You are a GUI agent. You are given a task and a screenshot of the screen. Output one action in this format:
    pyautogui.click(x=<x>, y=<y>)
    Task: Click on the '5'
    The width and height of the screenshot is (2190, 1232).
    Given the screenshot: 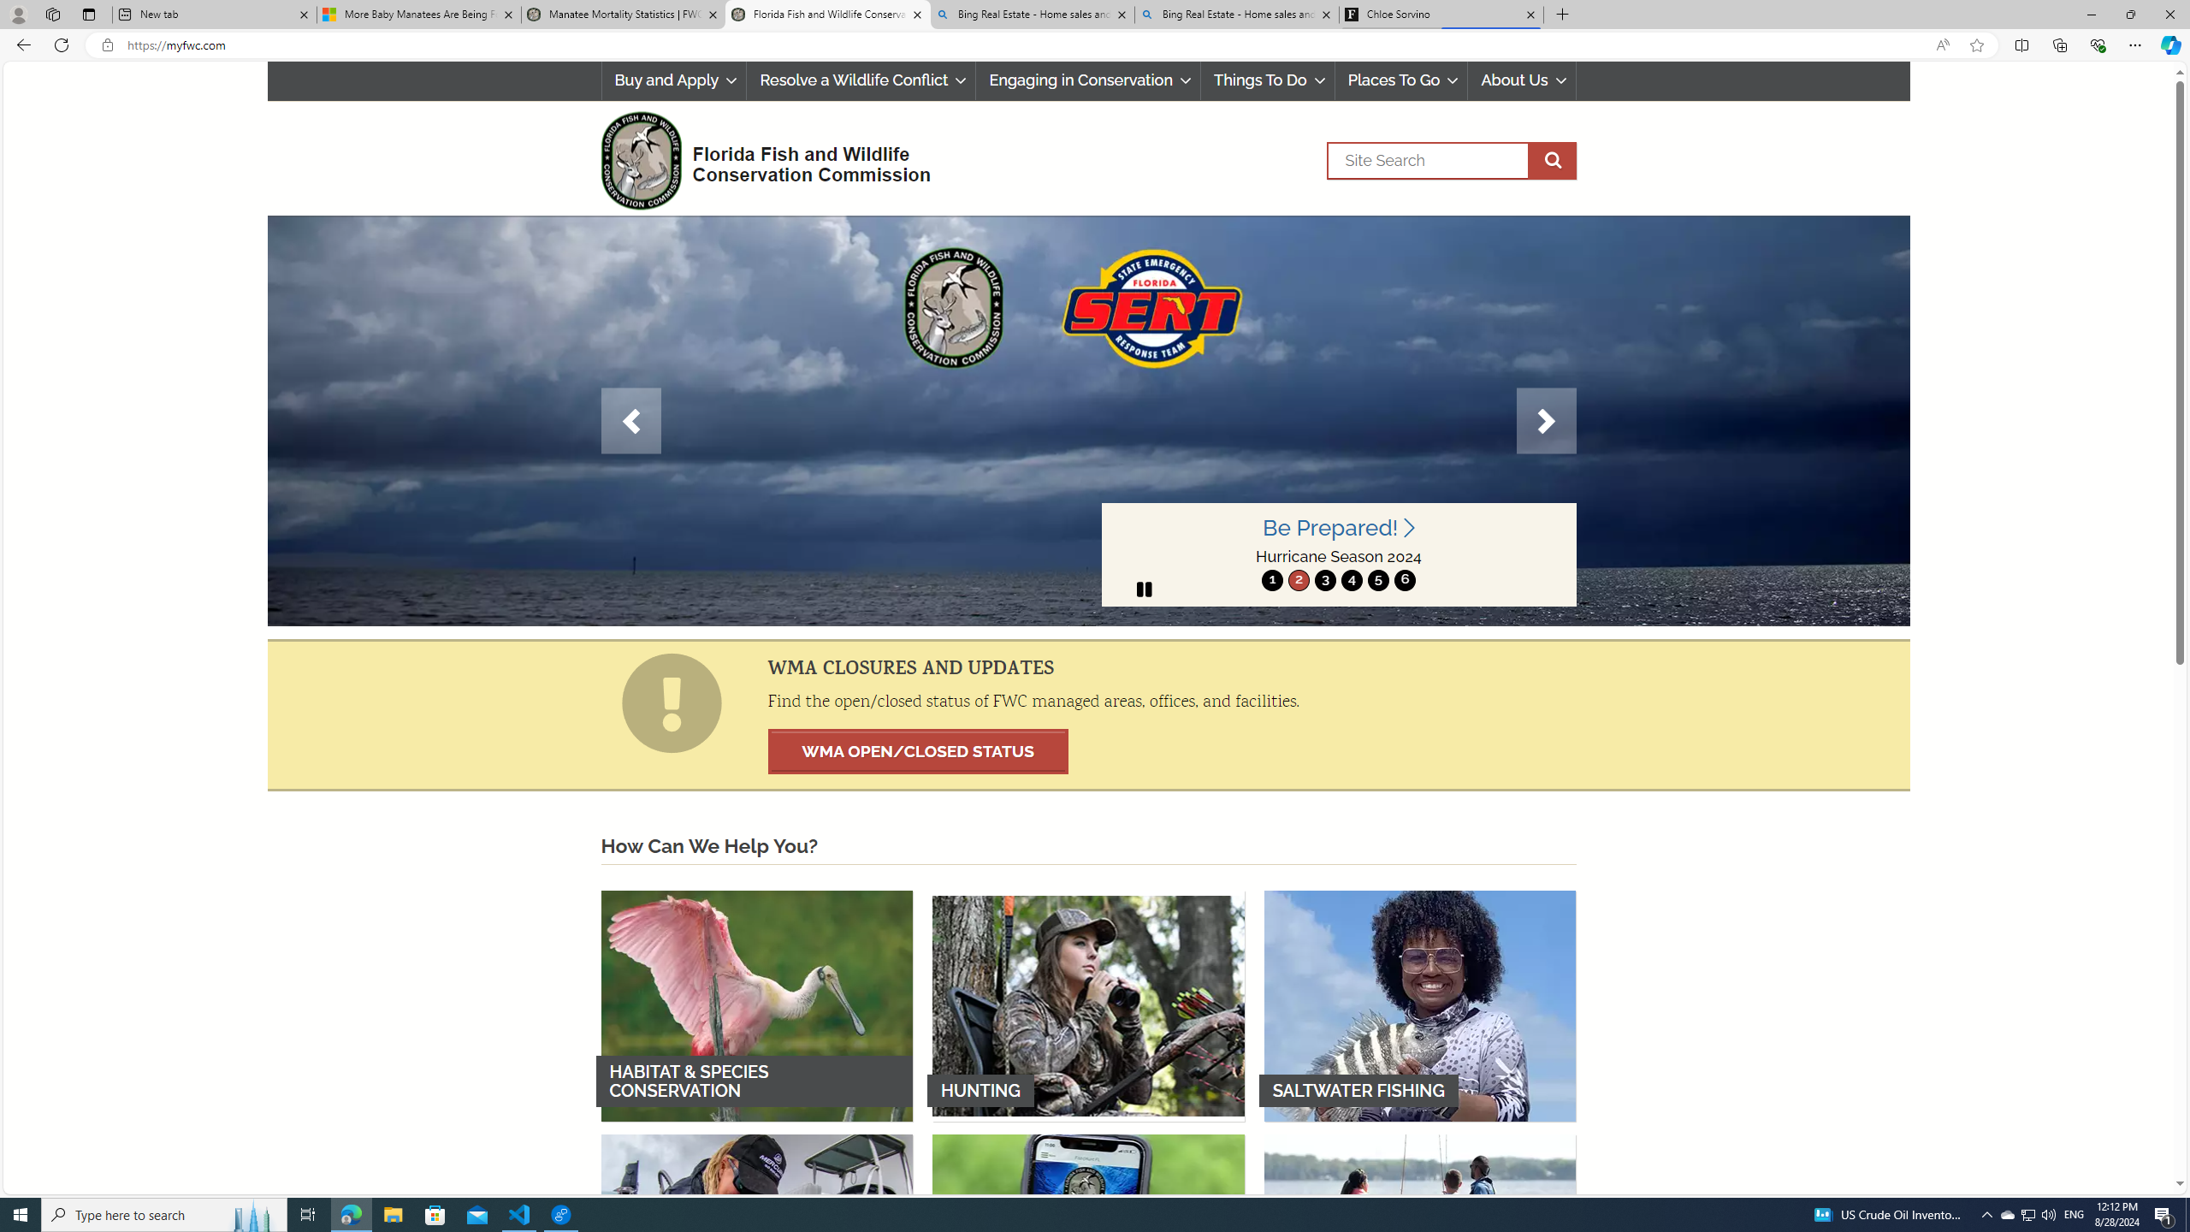 What is the action you would take?
    pyautogui.click(x=1377, y=579)
    